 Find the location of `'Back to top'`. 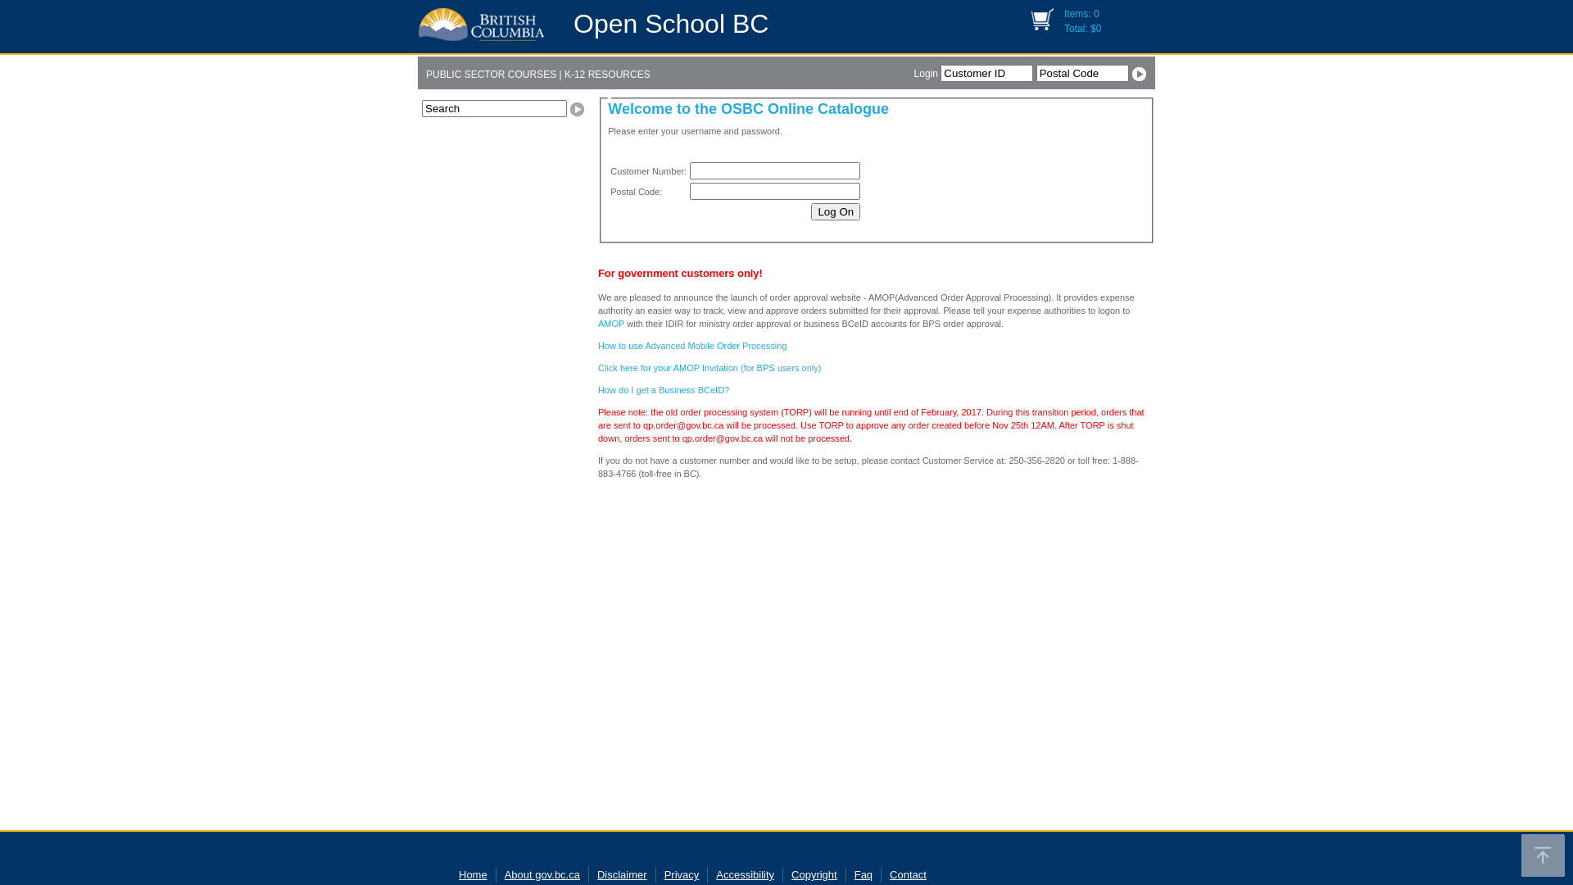

'Back to top' is located at coordinates (1542, 855).